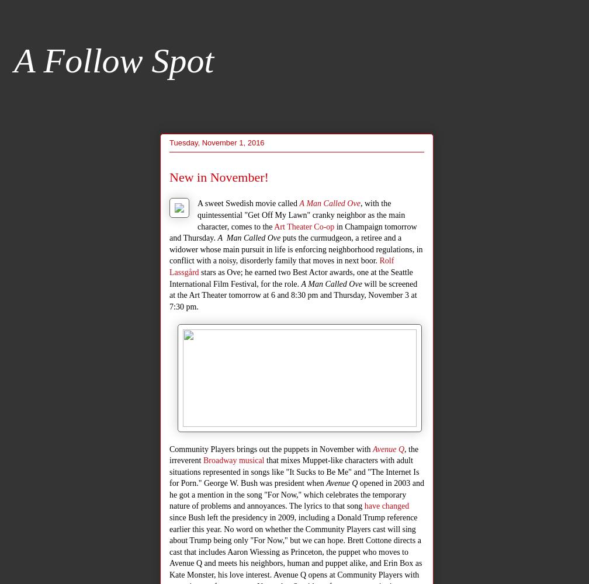 The image size is (589, 584). Describe the element at coordinates (274, 226) in the screenshot. I see `'Art Theater Co-op'` at that location.